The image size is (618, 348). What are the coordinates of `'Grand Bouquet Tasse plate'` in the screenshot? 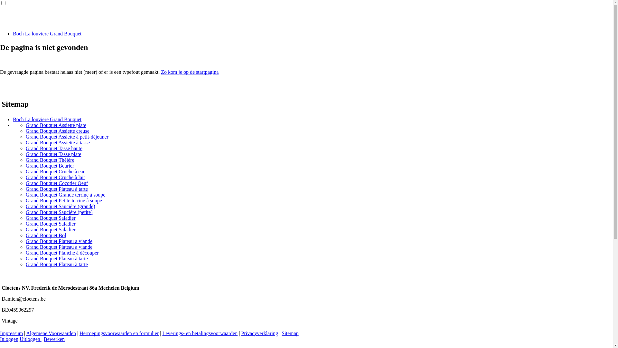 It's located at (26, 154).